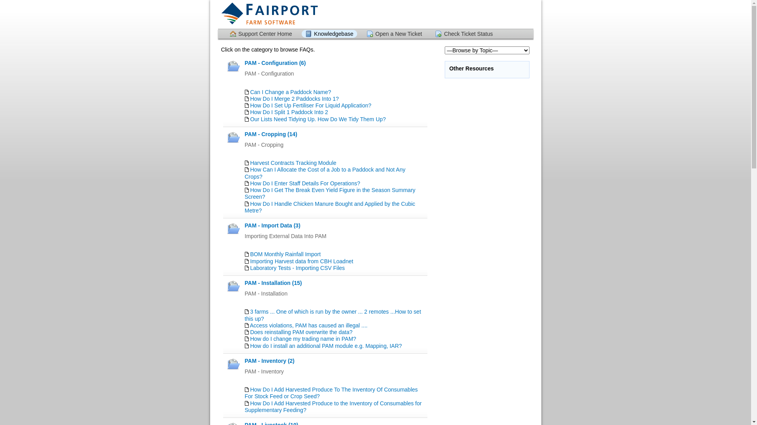  I want to click on 'Check Ticket Status', so click(464, 33).